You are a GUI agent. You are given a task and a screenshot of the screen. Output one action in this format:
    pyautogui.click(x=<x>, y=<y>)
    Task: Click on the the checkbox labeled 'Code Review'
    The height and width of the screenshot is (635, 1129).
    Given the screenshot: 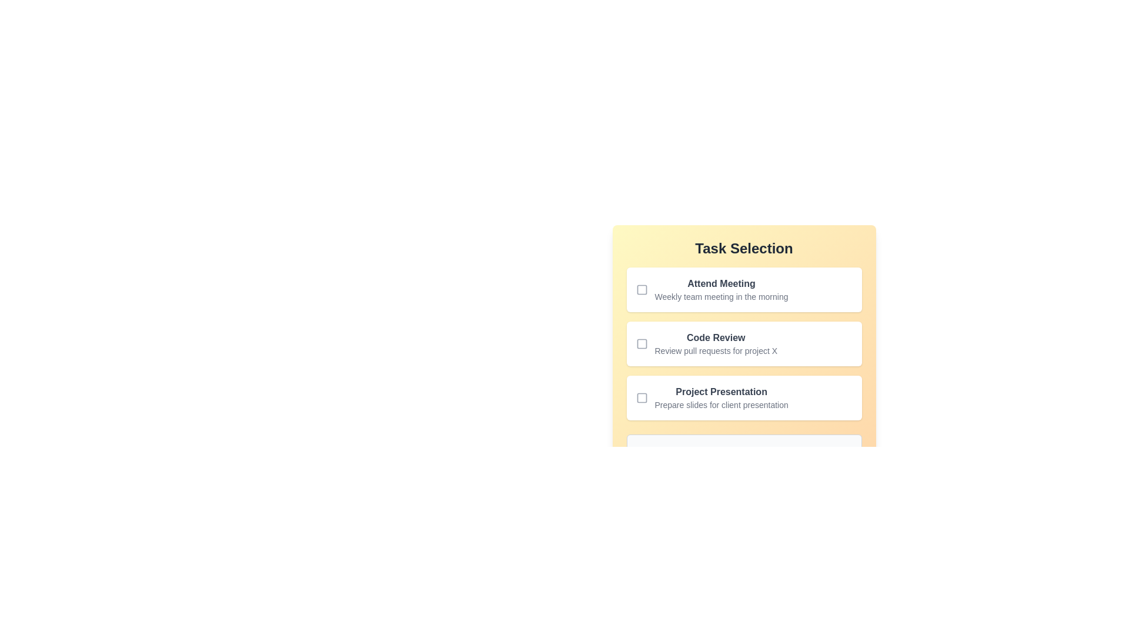 What is the action you would take?
    pyautogui.click(x=706, y=344)
    